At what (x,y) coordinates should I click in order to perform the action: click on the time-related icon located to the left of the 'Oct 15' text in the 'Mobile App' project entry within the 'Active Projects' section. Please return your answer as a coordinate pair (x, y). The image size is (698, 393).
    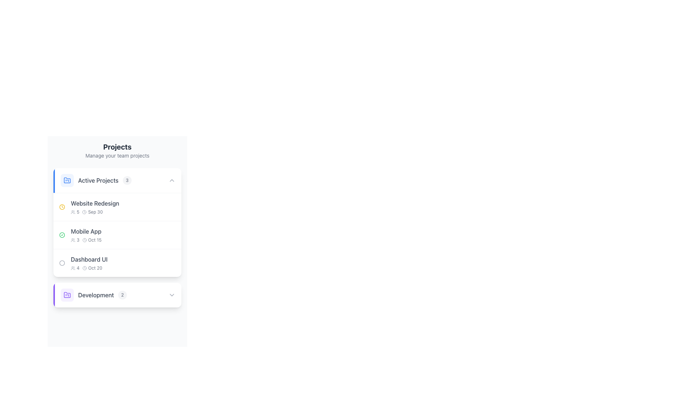
    Looking at the image, I should click on (84, 240).